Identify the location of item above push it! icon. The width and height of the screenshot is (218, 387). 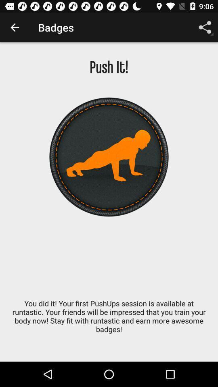
(205, 27).